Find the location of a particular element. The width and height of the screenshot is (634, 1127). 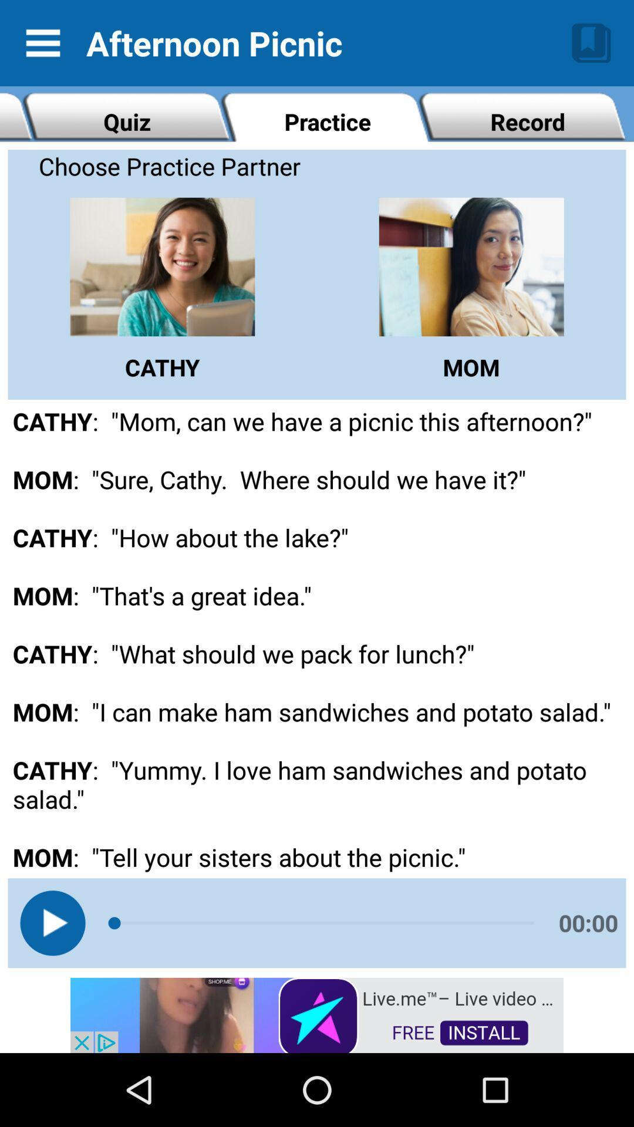

install app is located at coordinates (317, 1014).